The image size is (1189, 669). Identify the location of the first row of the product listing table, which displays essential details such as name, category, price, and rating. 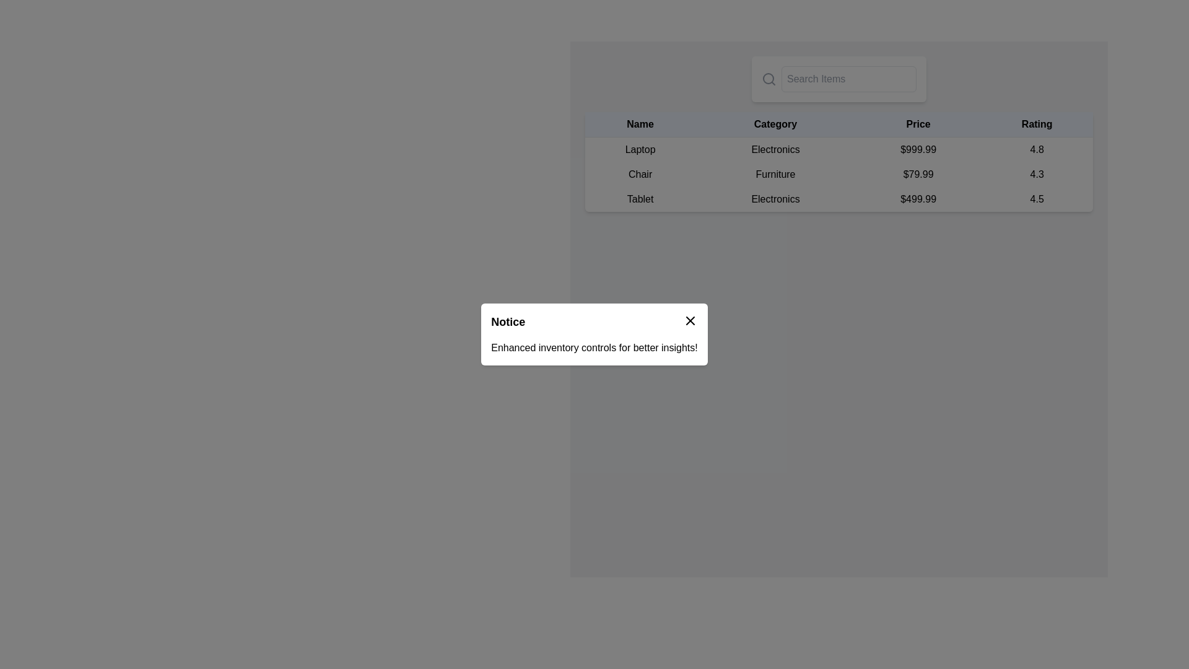
(838, 148).